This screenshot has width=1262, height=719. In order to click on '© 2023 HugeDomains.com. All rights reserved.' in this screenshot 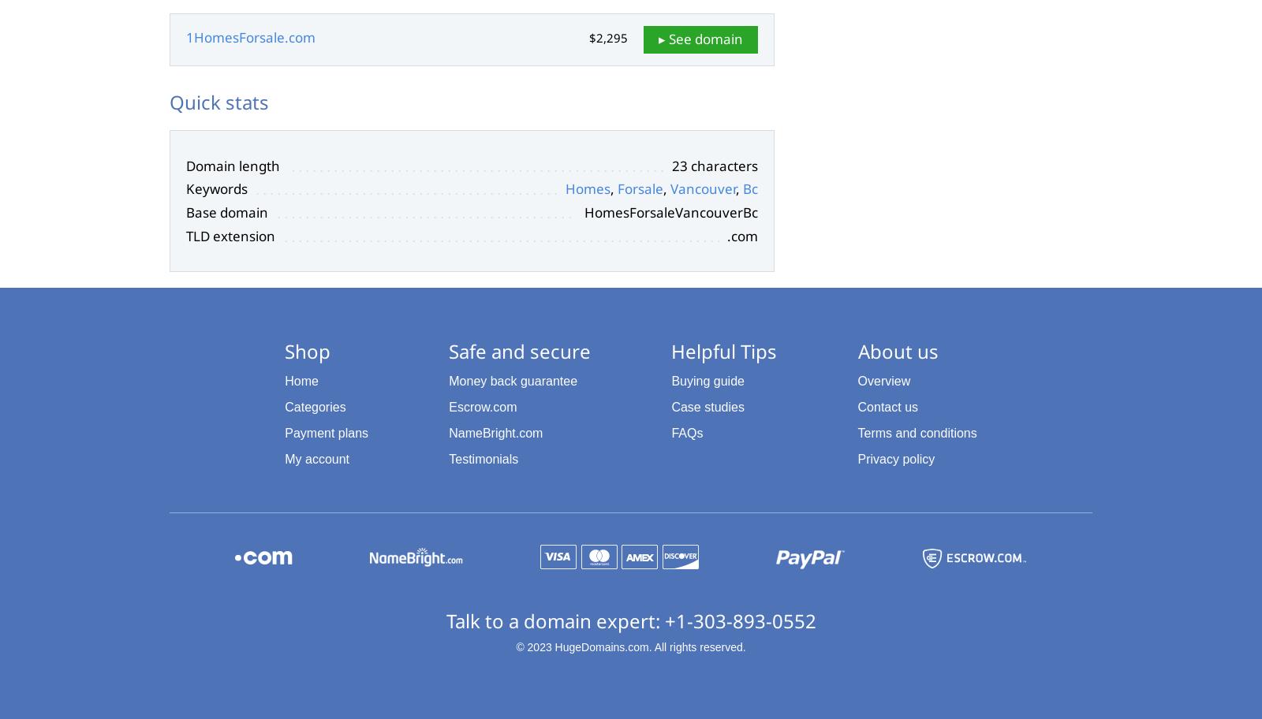, I will do `click(630, 646)`.